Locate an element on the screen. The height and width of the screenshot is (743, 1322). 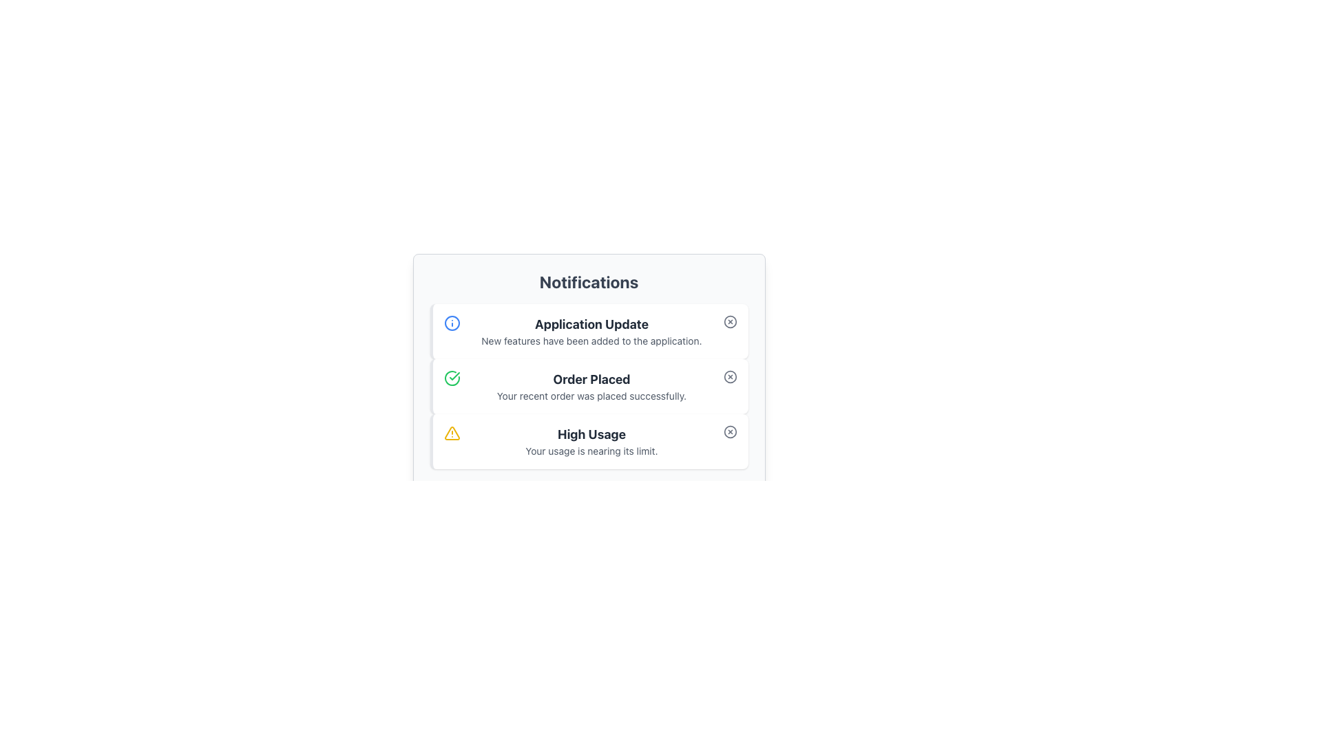
the 'High Usage' text label in the notification panel is located at coordinates (591, 435).